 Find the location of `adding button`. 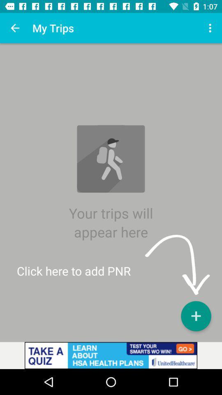

adding button is located at coordinates (195, 316).